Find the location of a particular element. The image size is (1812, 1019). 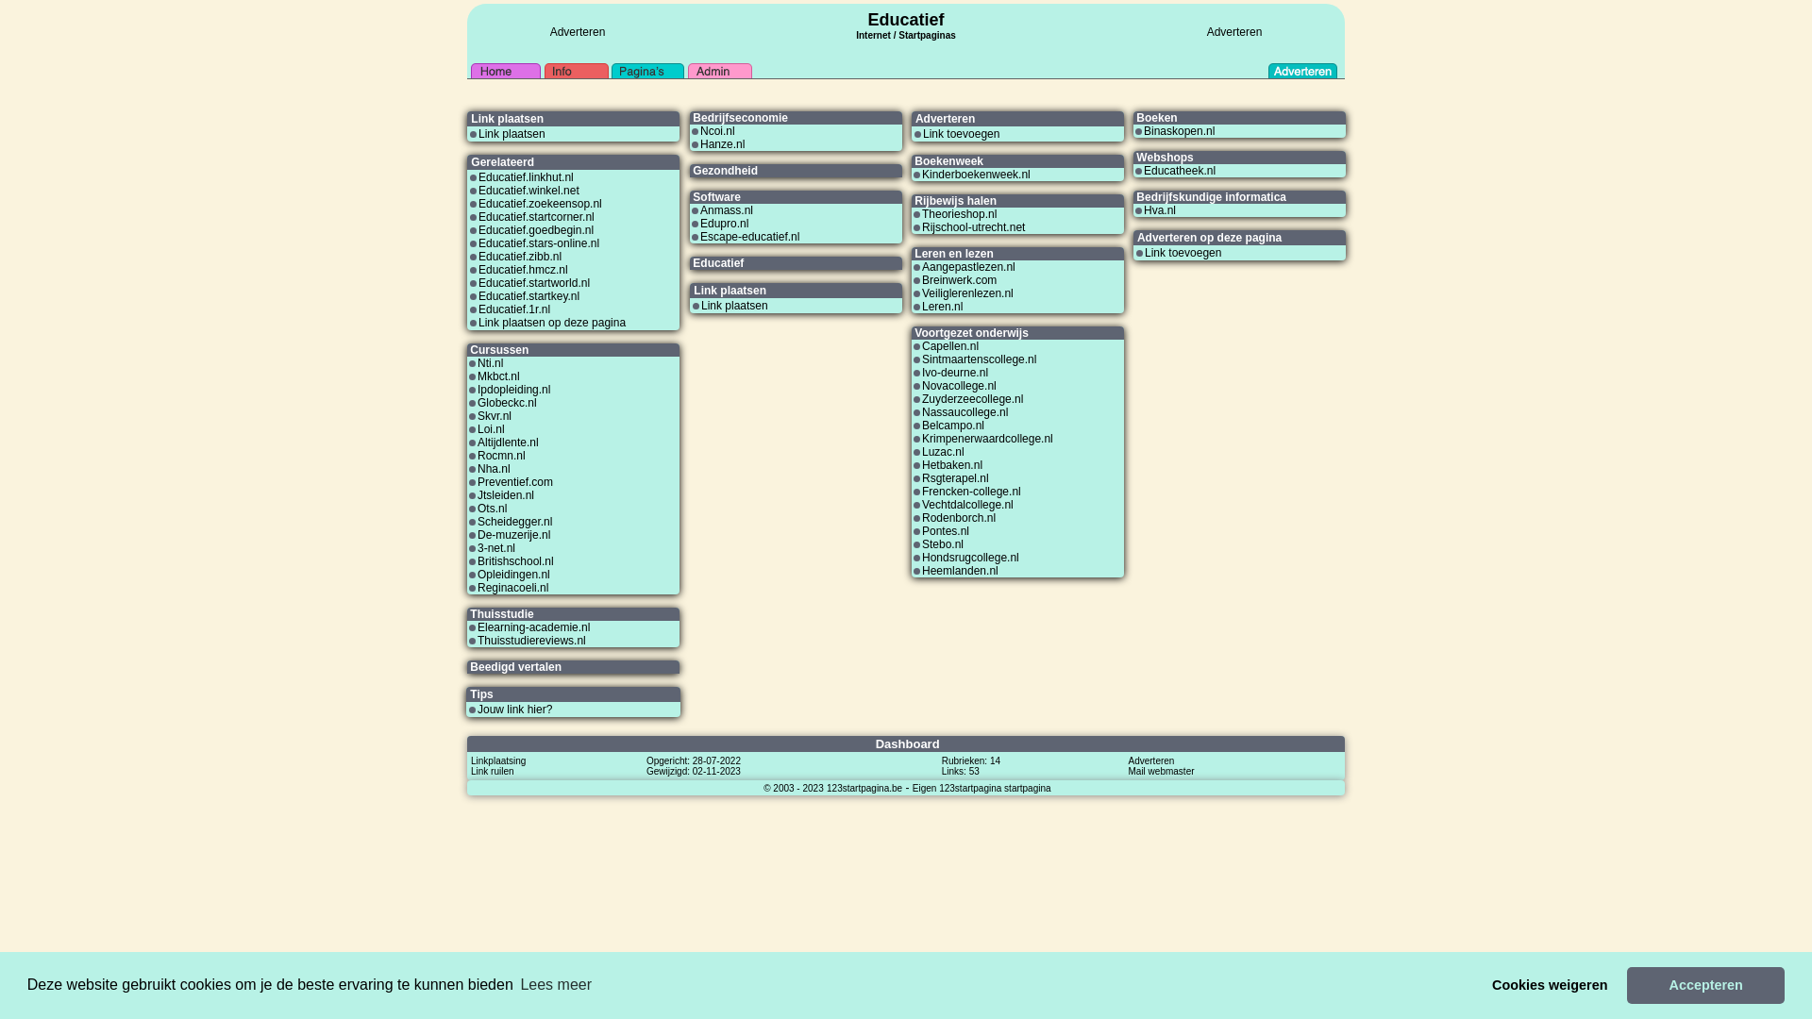

'123startpagina.be' is located at coordinates (864, 787).